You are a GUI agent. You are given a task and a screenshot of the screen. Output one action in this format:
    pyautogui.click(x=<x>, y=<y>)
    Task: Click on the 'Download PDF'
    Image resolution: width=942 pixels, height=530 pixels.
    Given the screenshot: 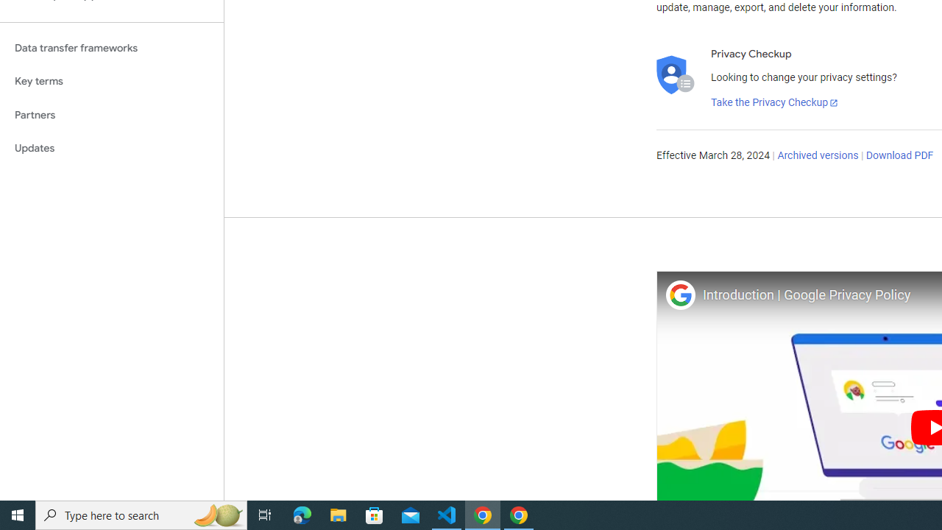 What is the action you would take?
    pyautogui.click(x=899, y=156)
    